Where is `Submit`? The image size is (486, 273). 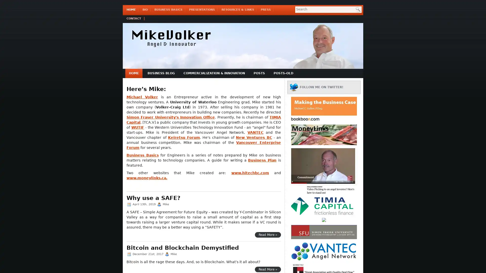
Submit is located at coordinates (358, 11).